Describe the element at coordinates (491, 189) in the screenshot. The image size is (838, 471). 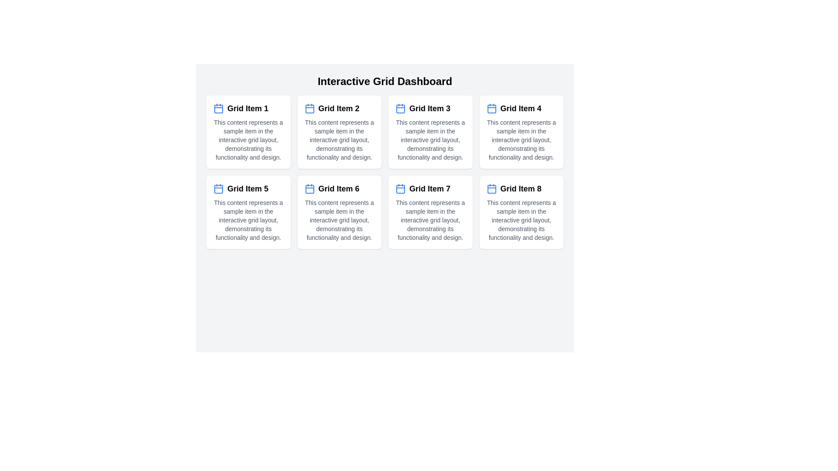
I see `inner rectangle of the calendar icon located within 'Grid Item 8' in the interactive grid dashboard using developer tools` at that location.